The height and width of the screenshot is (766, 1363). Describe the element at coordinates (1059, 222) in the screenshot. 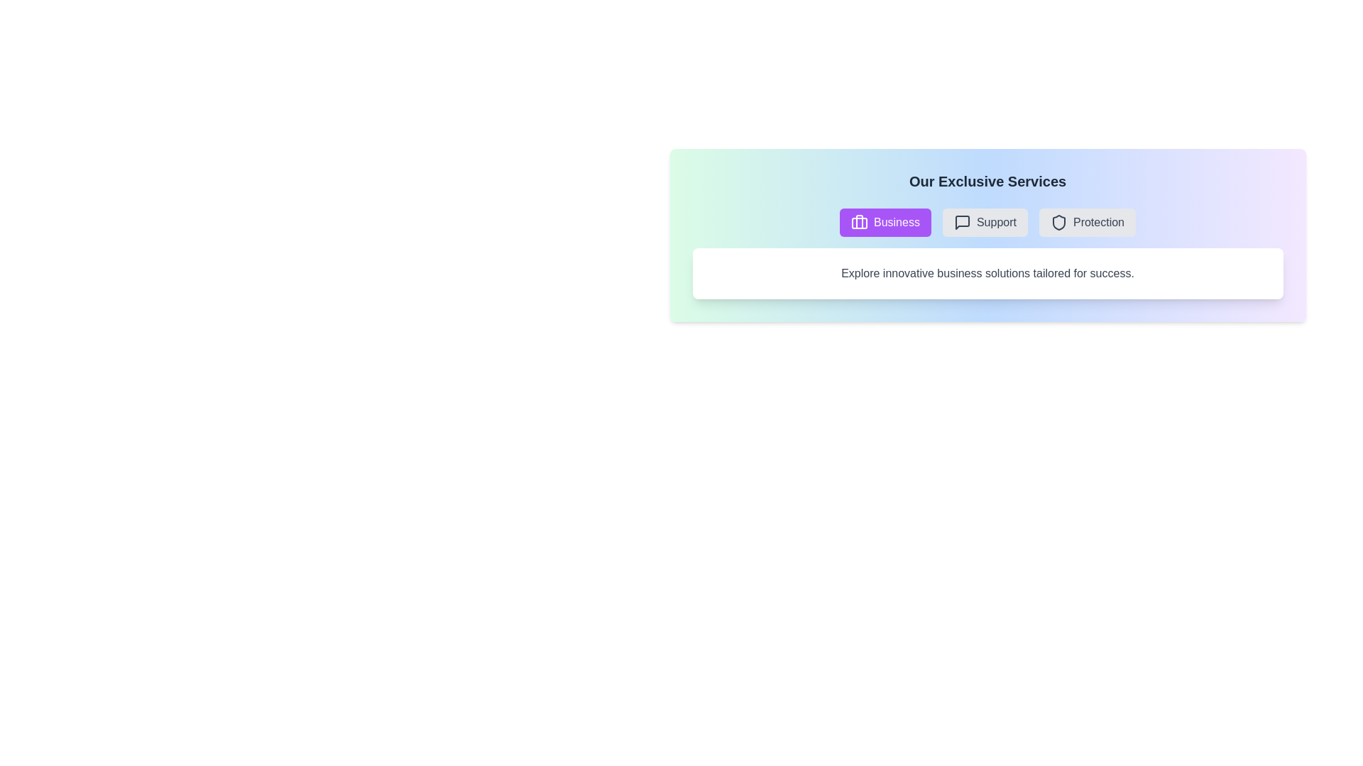

I see `the icon associated with the Protection tab` at that location.